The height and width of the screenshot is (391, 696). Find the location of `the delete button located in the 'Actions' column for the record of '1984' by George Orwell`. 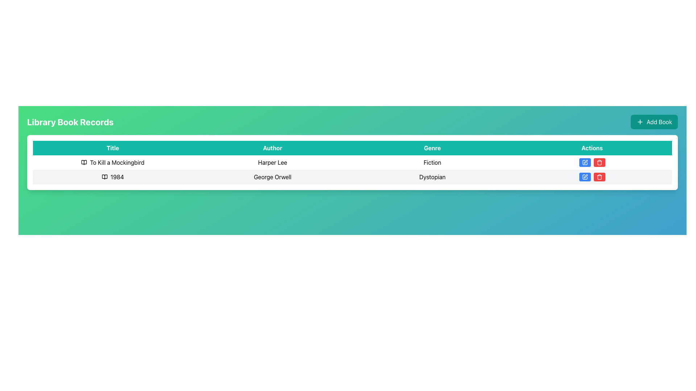

the delete button located in the 'Actions' column for the record of '1984' by George Orwell is located at coordinates (599, 162).